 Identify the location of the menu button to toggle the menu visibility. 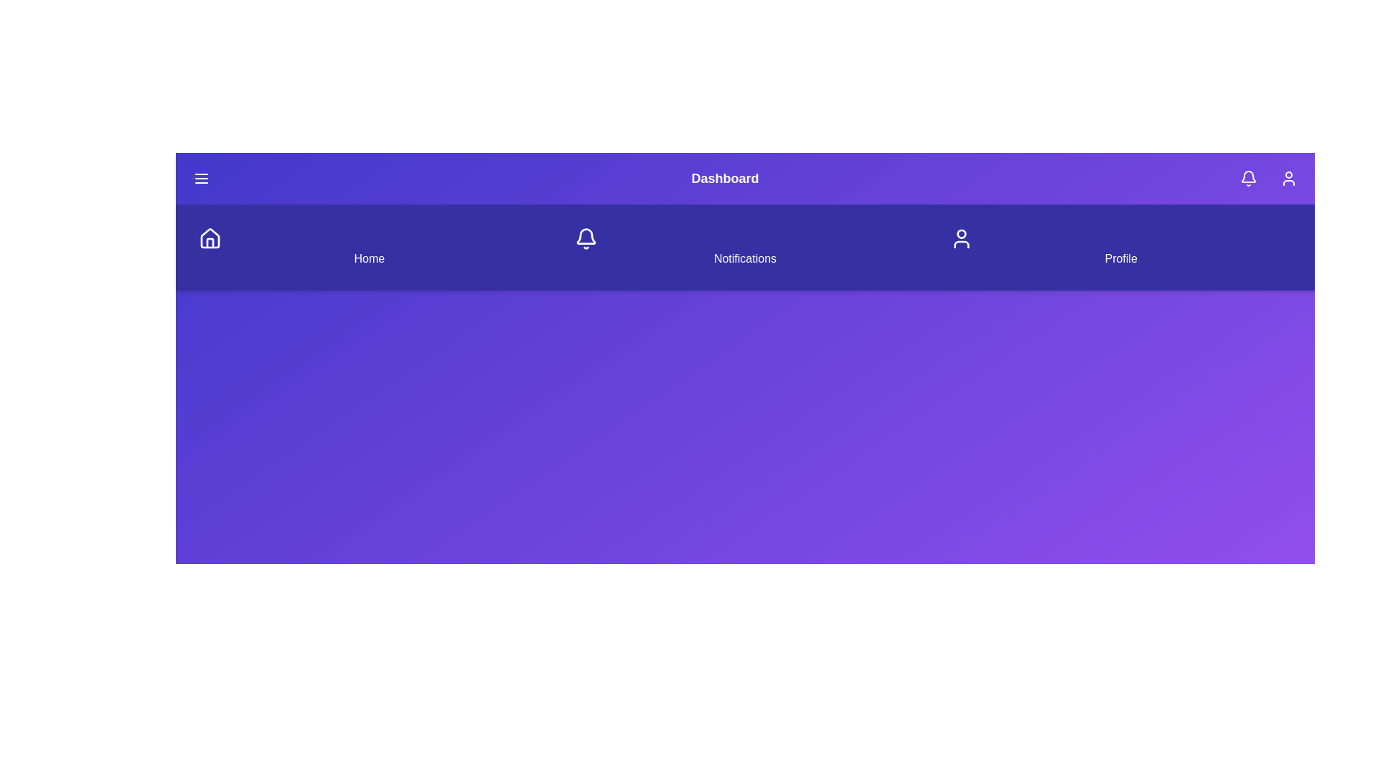
(201, 178).